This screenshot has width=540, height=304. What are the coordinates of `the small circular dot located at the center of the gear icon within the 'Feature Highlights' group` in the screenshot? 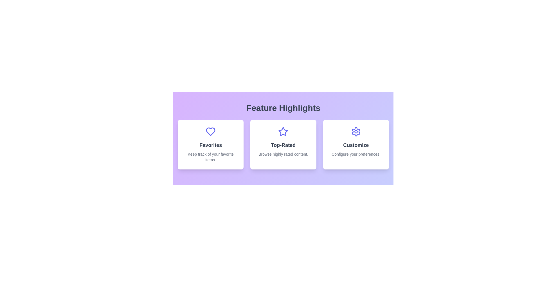 It's located at (355, 131).